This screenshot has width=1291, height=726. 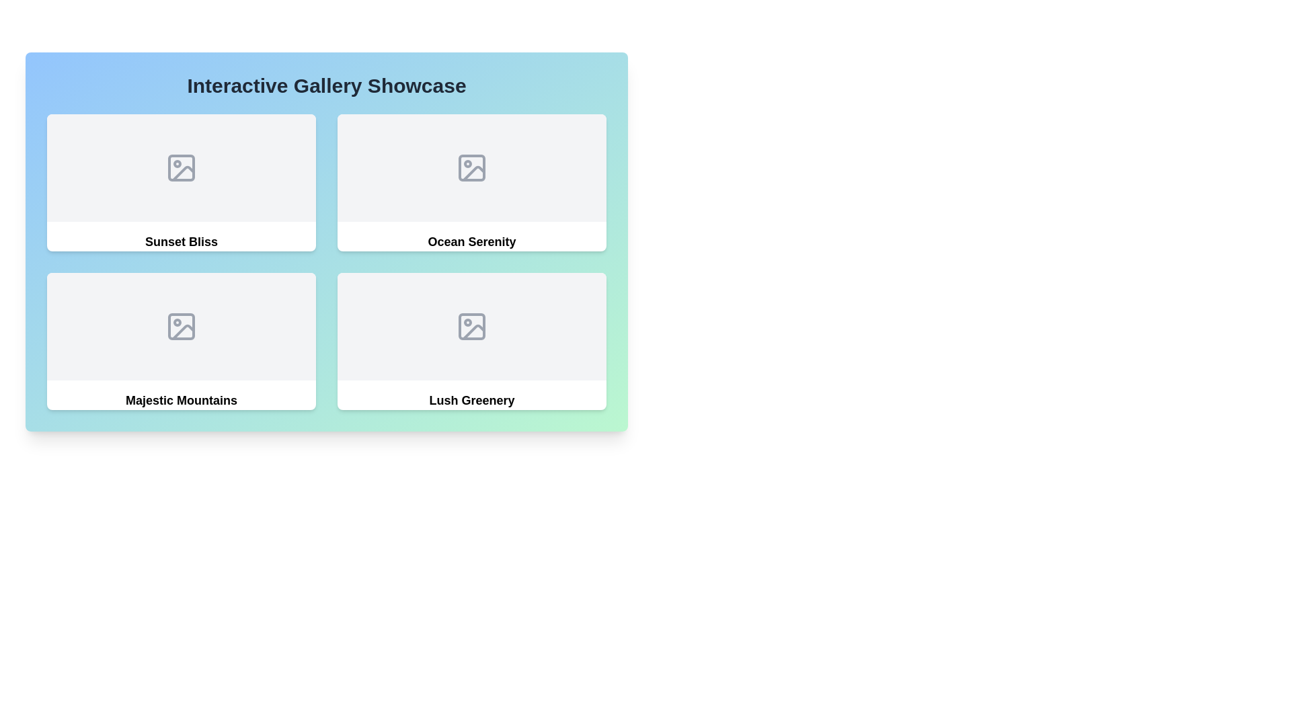 I want to click on icon placeholder area in the 'Lush Greenery' card located in the second row, second column of the 'Interactive Gallery Showcase' interface, so click(x=471, y=327).